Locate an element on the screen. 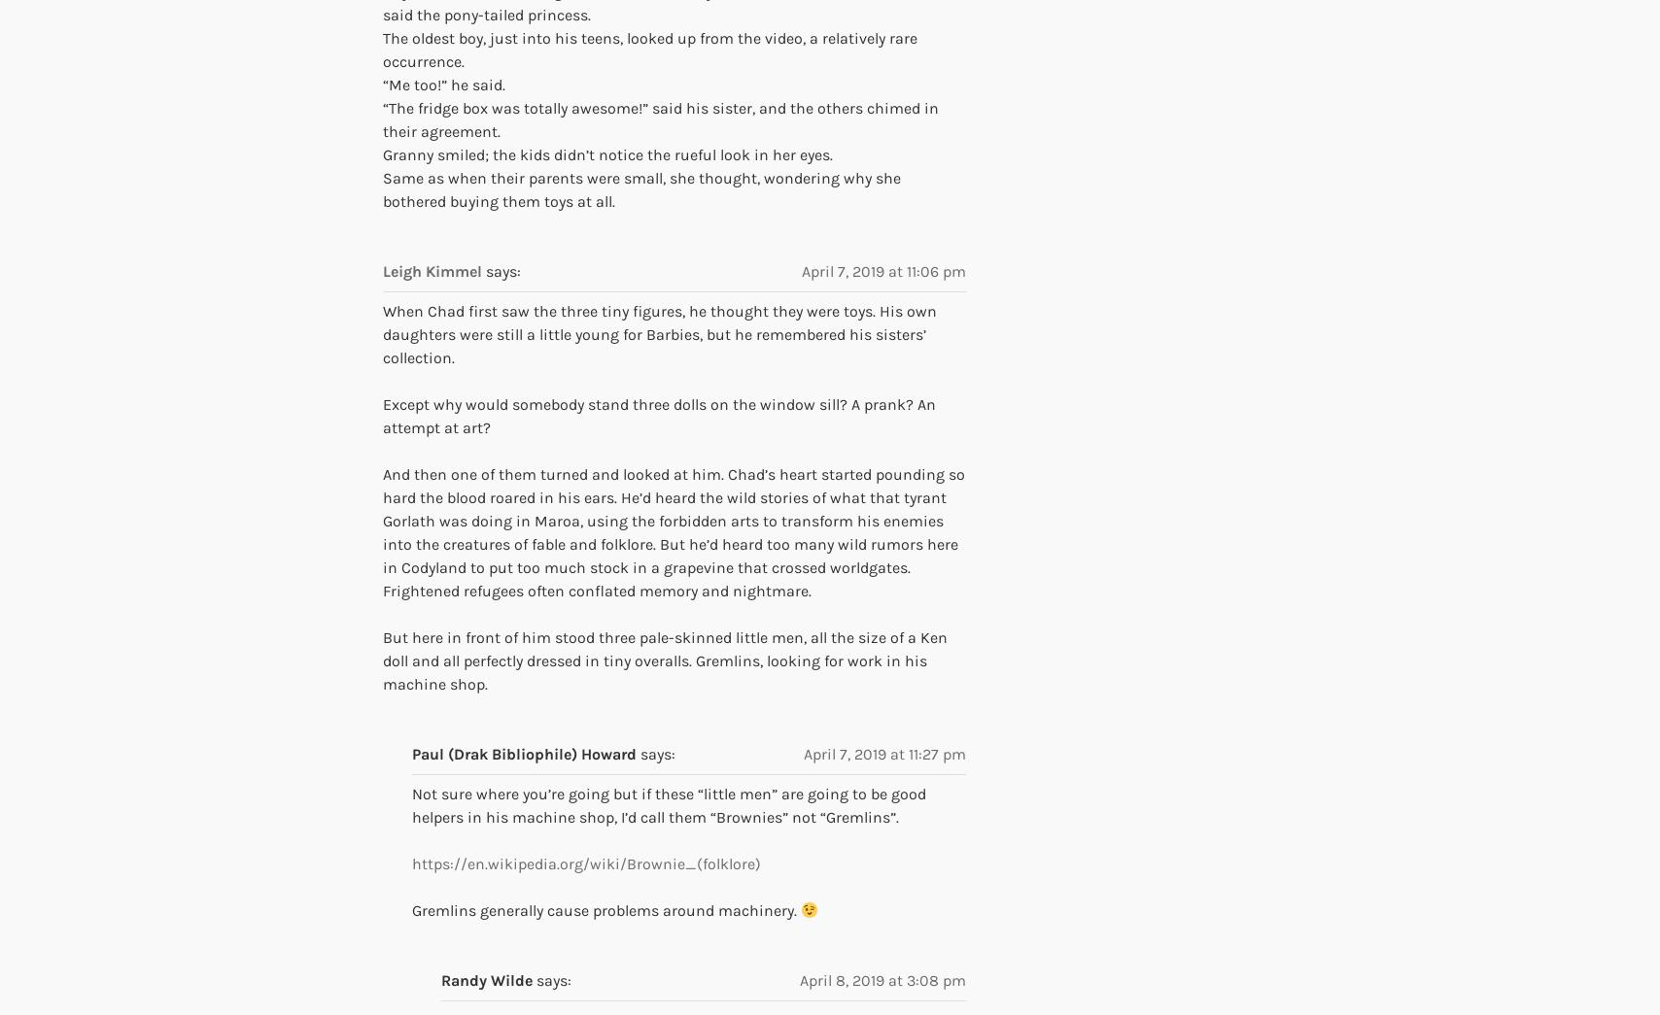 This screenshot has width=1660, height=1015. 'Randy Wilde' is located at coordinates (440, 980).